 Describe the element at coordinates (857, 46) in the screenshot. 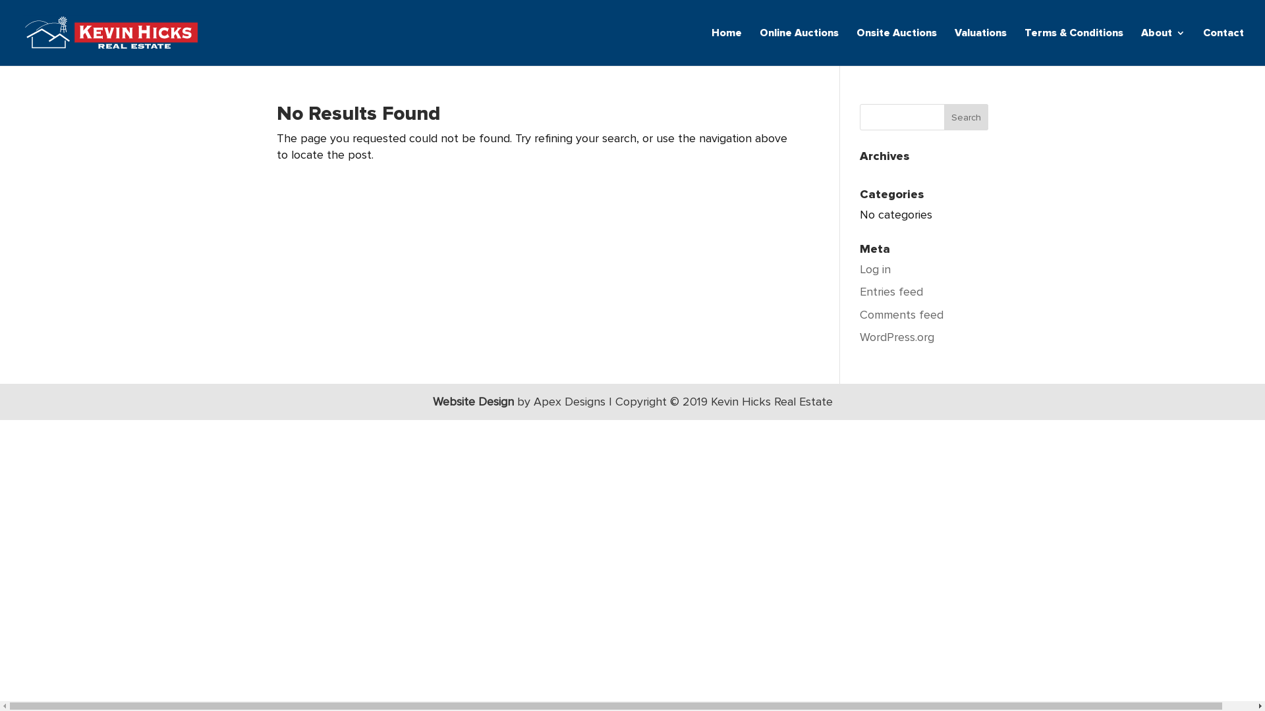

I see `'Onsite Auctions'` at that location.